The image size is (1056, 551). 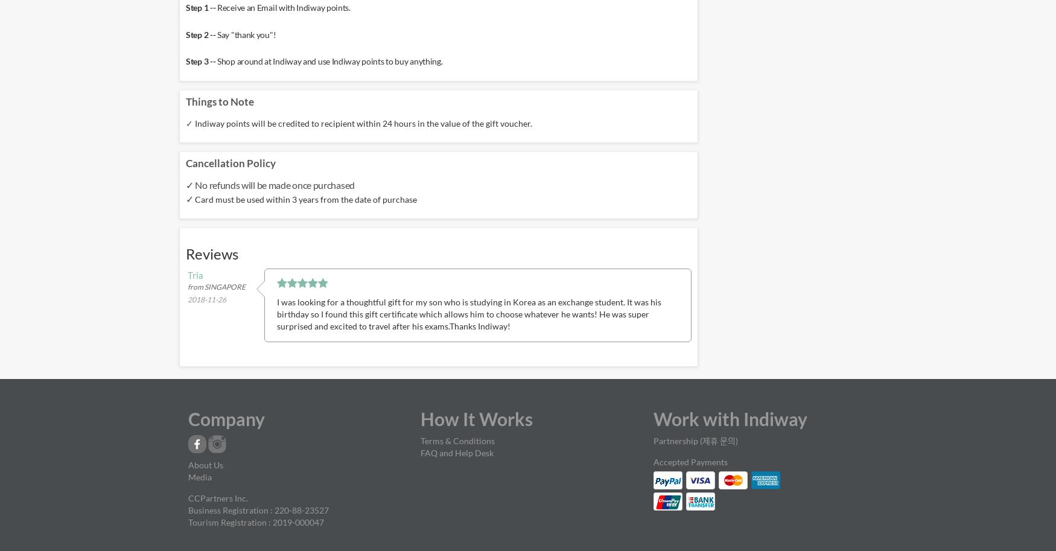 What do you see at coordinates (329, 61) in the screenshot?
I see `'Shop around at Indiway and use Indiway points to buy anything.'` at bounding box center [329, 61].